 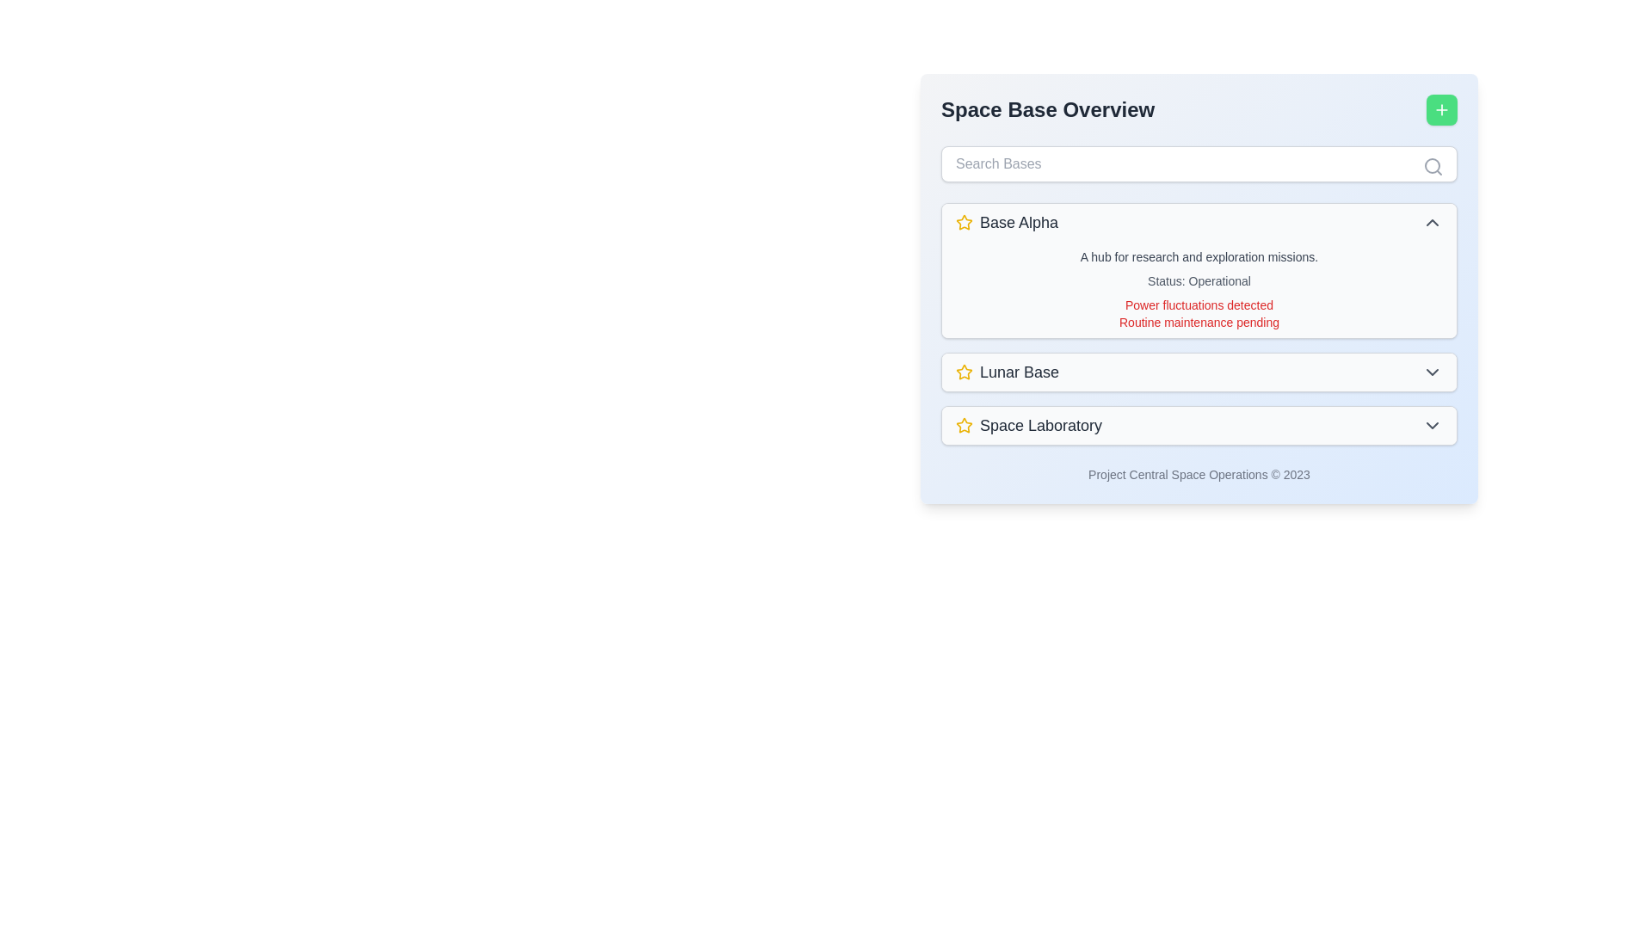 I want to click on the 'Add' button located in the top-right corner of the 'Space Base Overview' card, which is styled as a circular button with a green background, so click(x=1441, y=109).